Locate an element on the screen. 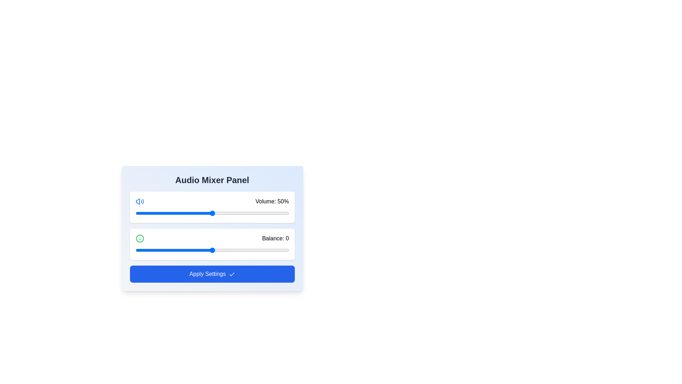  the balance slider to set the balance to -44 is located at coordinates (144, 250).